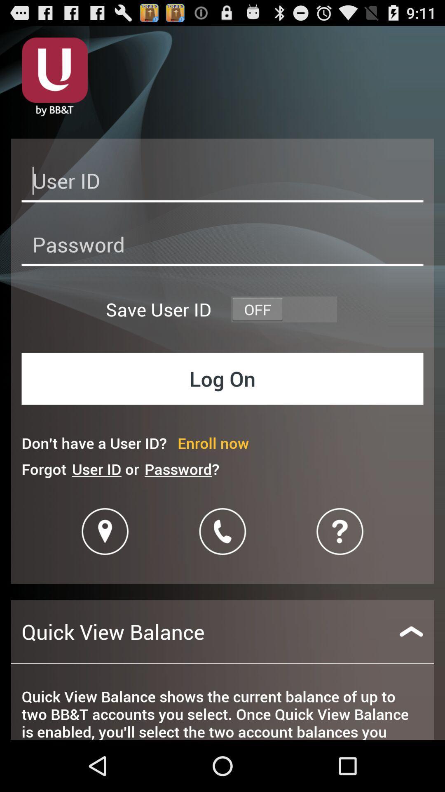 The image size is (445, 792). Describe the element at coordinates (213, 443) in the screenshot. I see `icon below the log on item` at that location.